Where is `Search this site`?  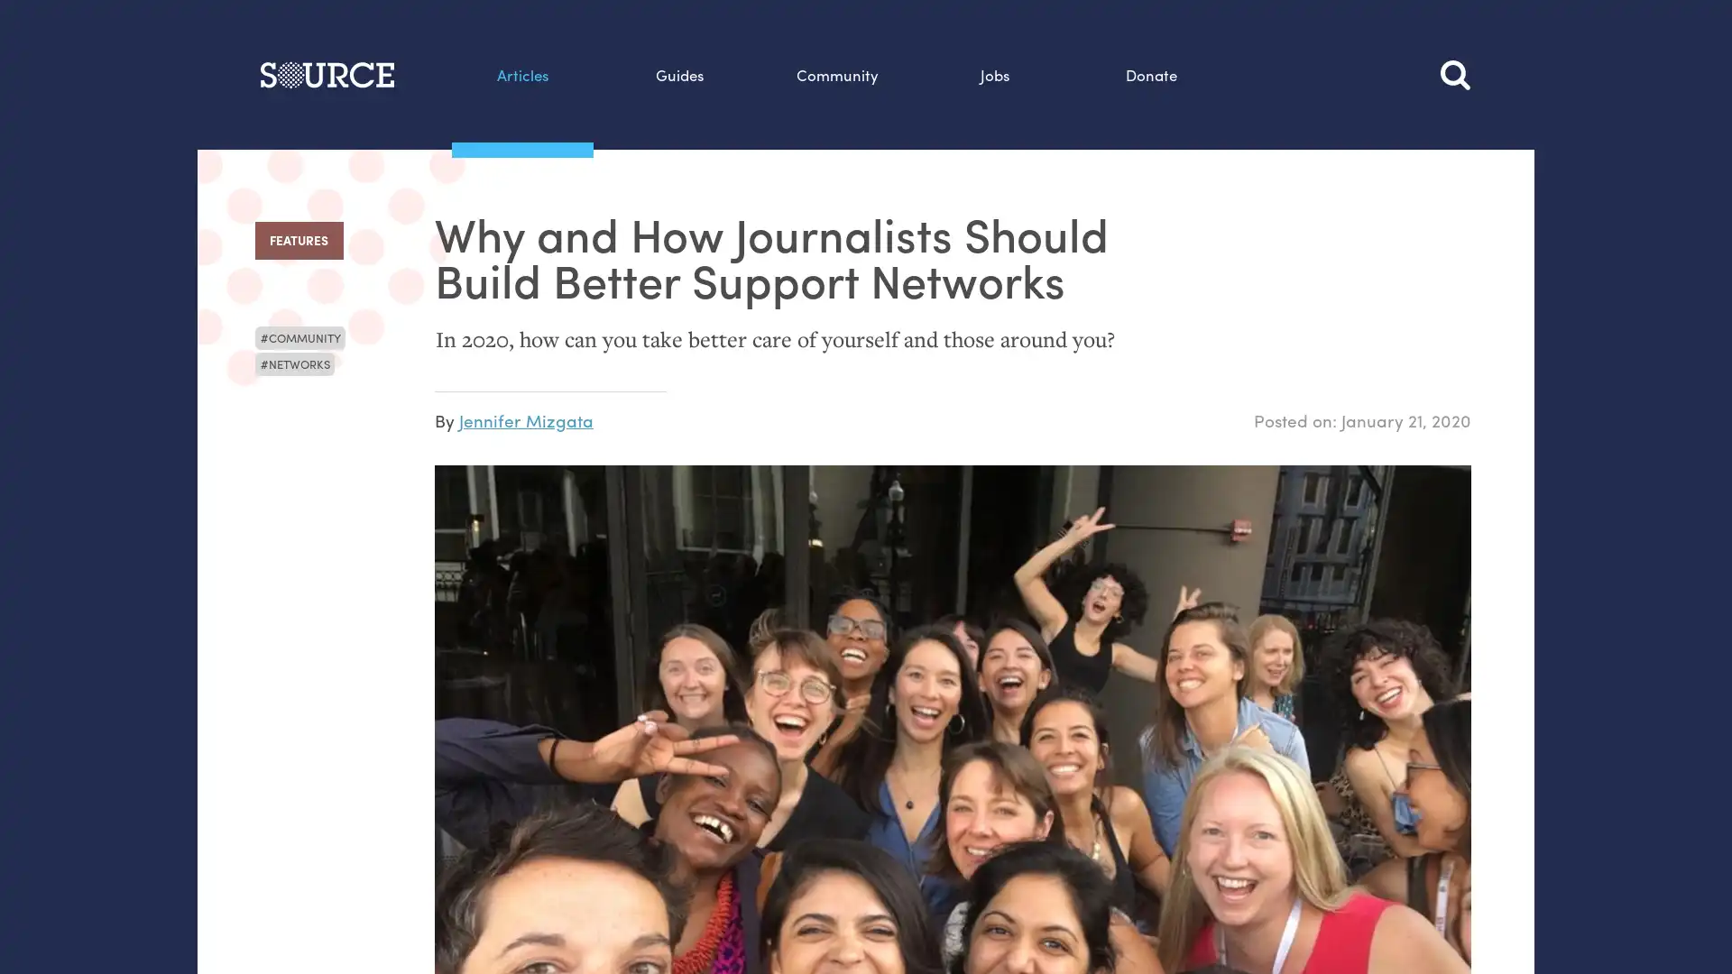 Search this site is located at coordinates (197, 149).